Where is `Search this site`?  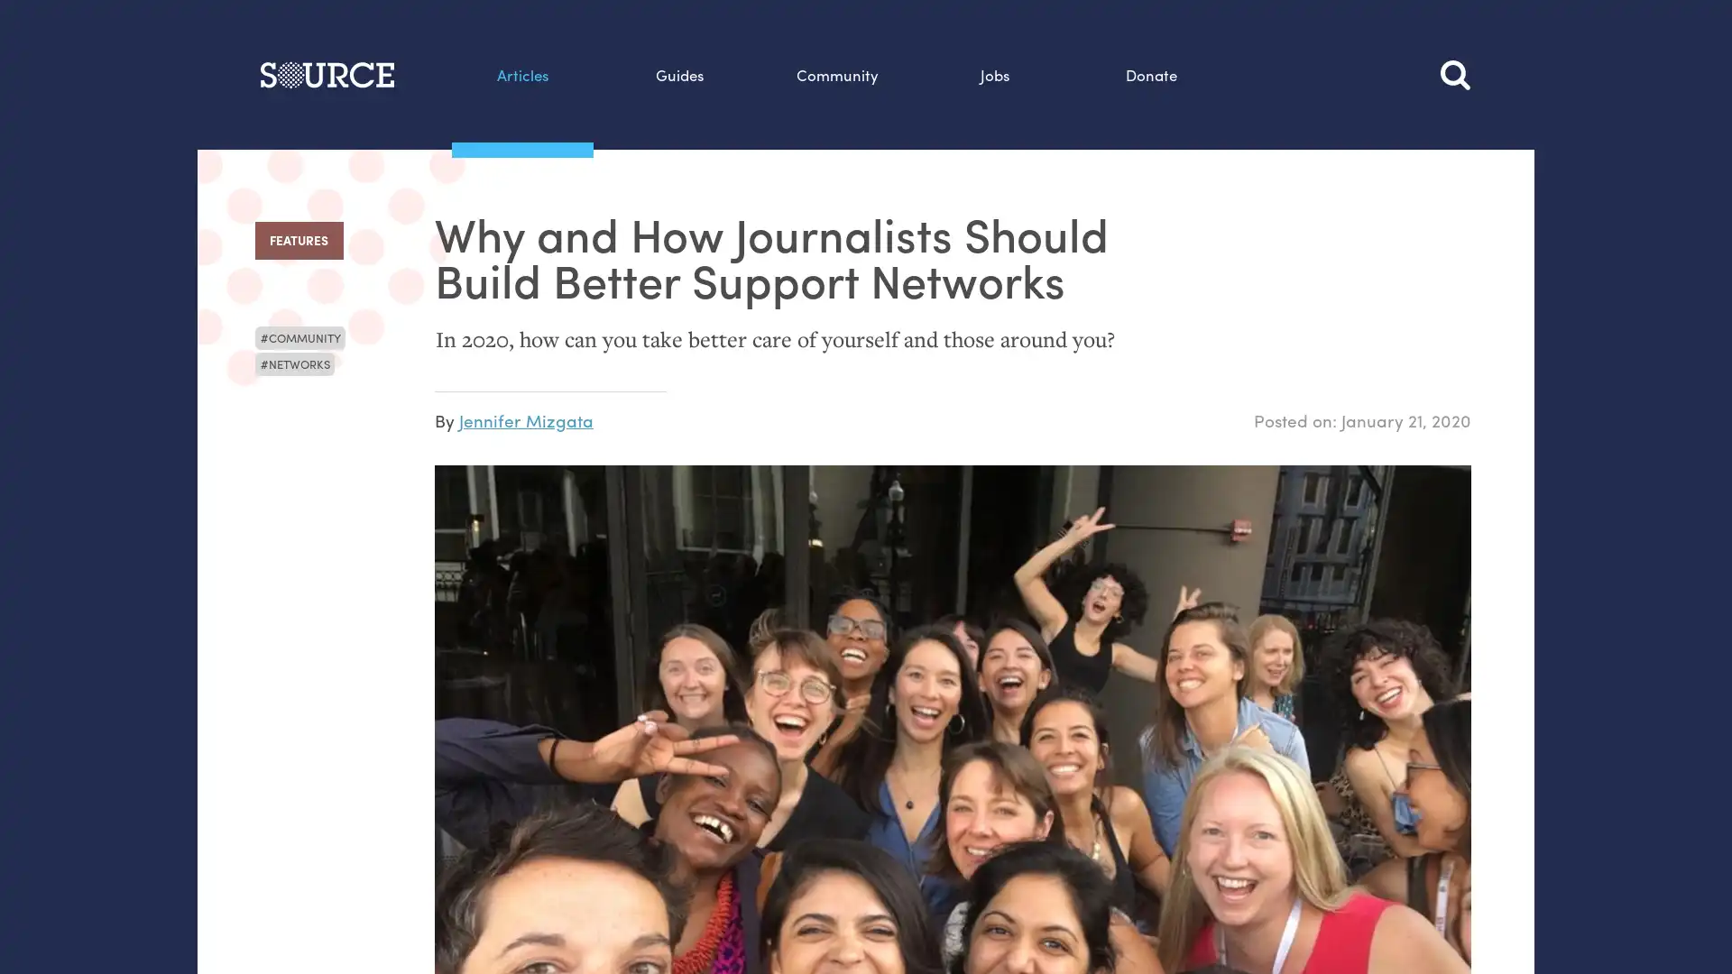 Search this site is located at coordinates (197, 149).